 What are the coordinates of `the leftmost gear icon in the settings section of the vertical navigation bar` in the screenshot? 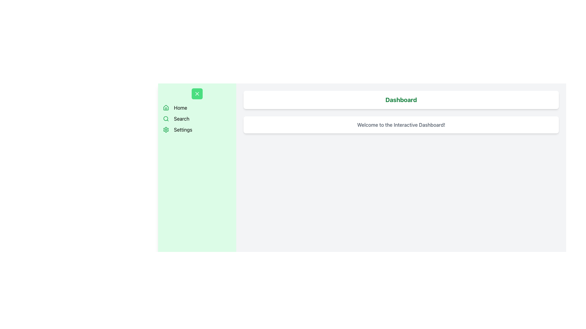 It's located at (166, 129).